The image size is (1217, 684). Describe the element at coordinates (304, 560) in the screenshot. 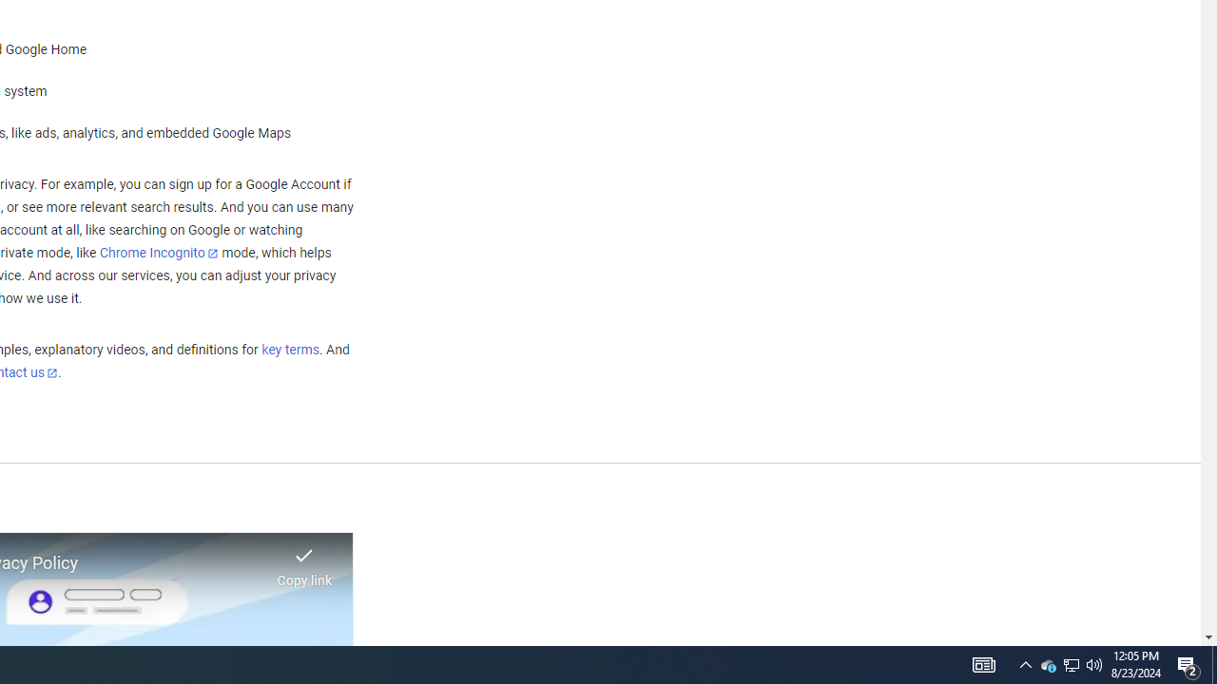

I see `'Link copied to clipboard'` at that location.